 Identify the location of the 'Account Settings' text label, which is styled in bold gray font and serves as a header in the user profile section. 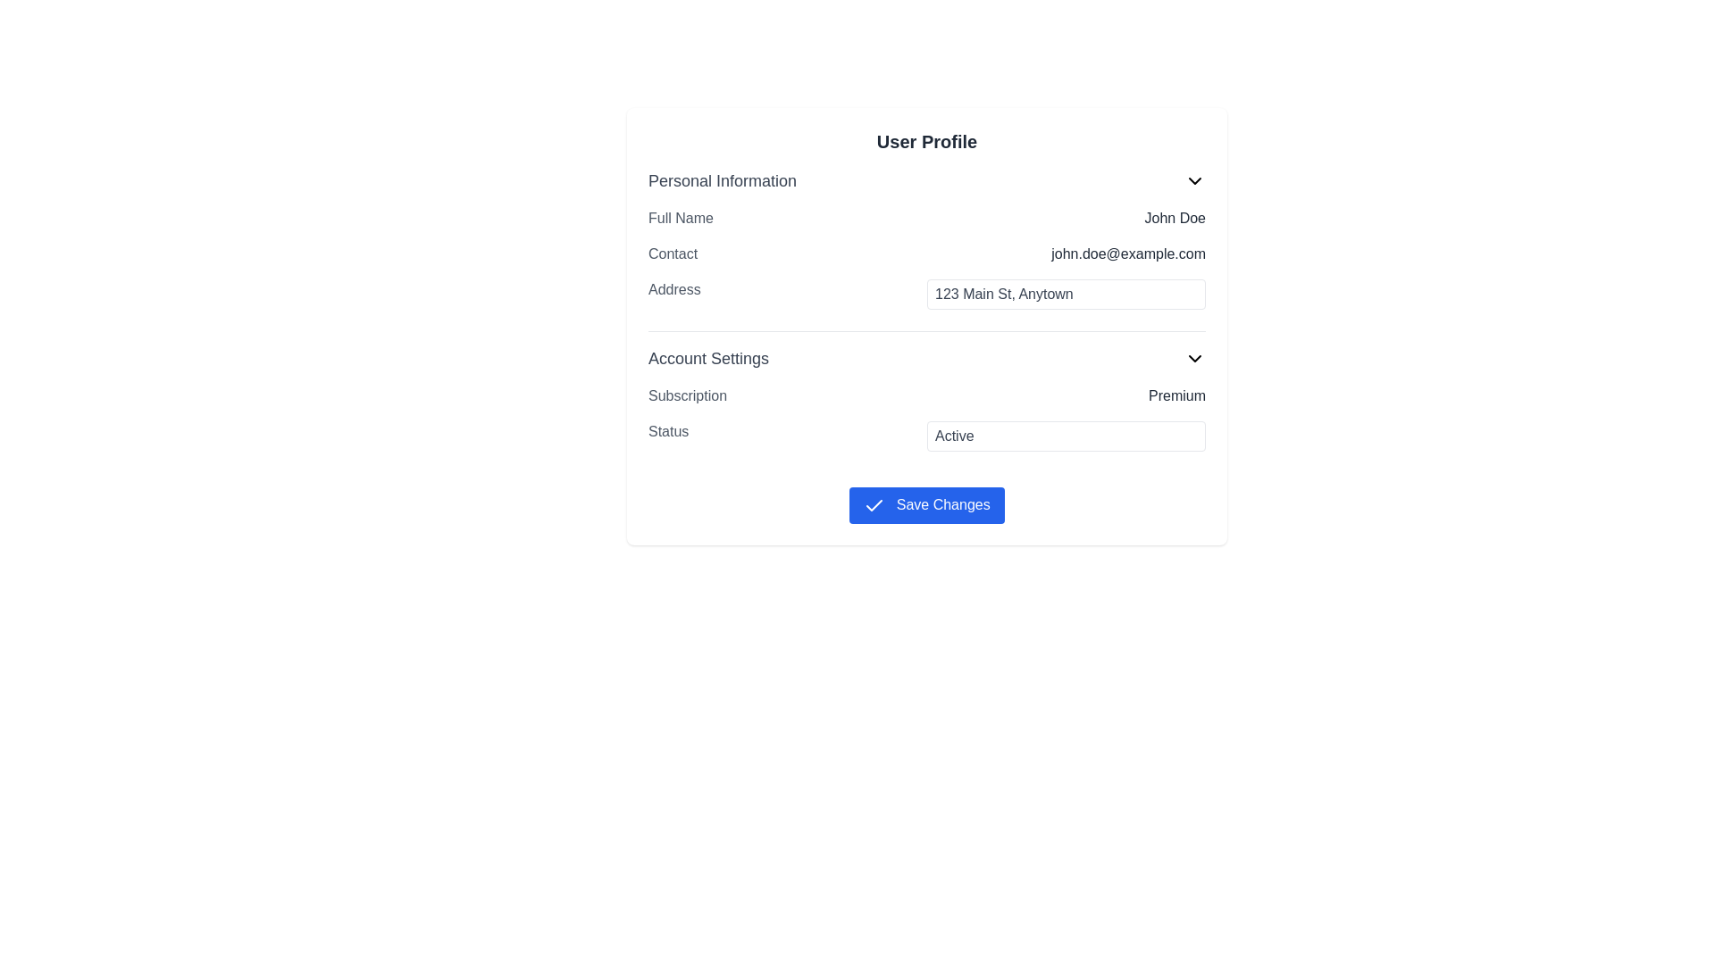
(707, 358).